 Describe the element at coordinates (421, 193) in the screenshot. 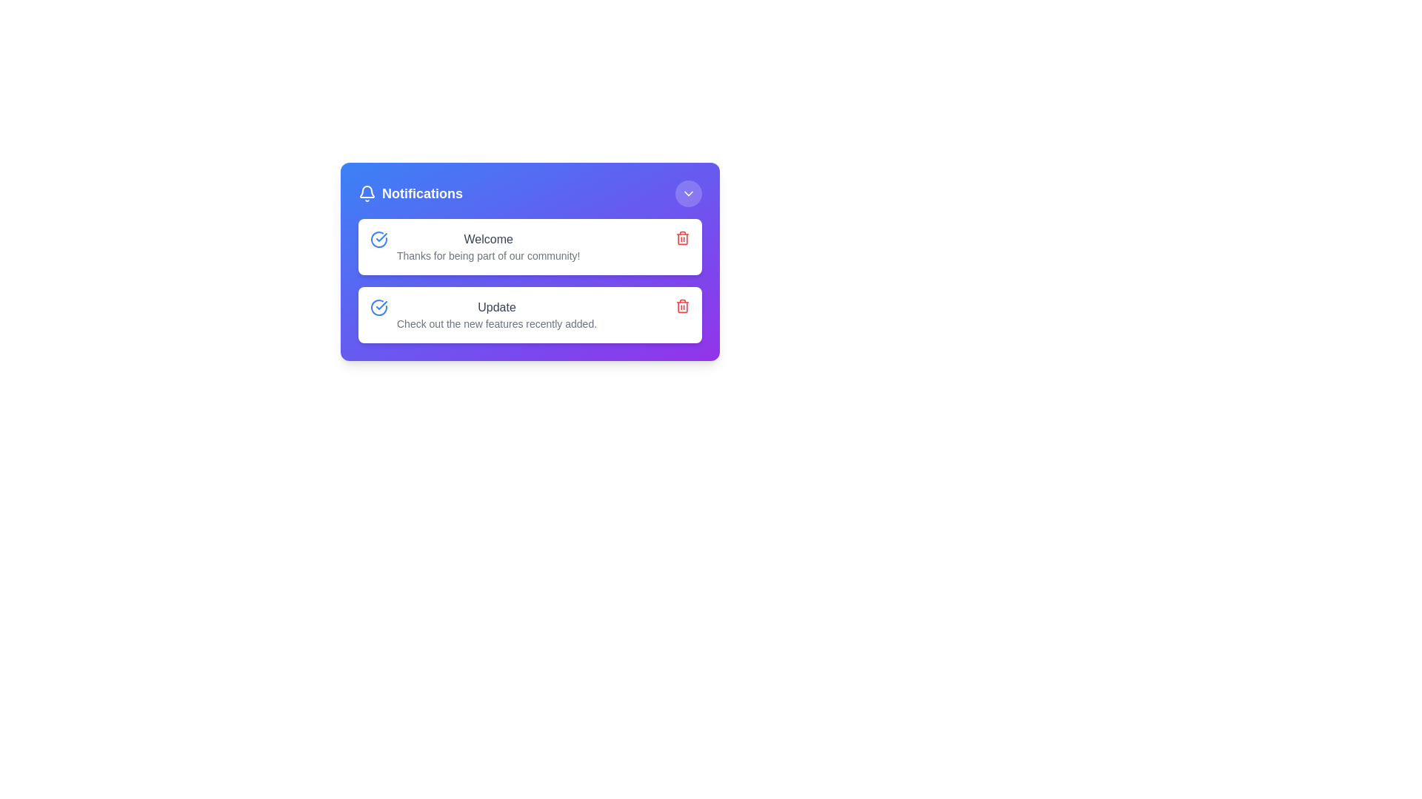

I see `text label that identifies the notification section at the top of the notification panel` at that location.